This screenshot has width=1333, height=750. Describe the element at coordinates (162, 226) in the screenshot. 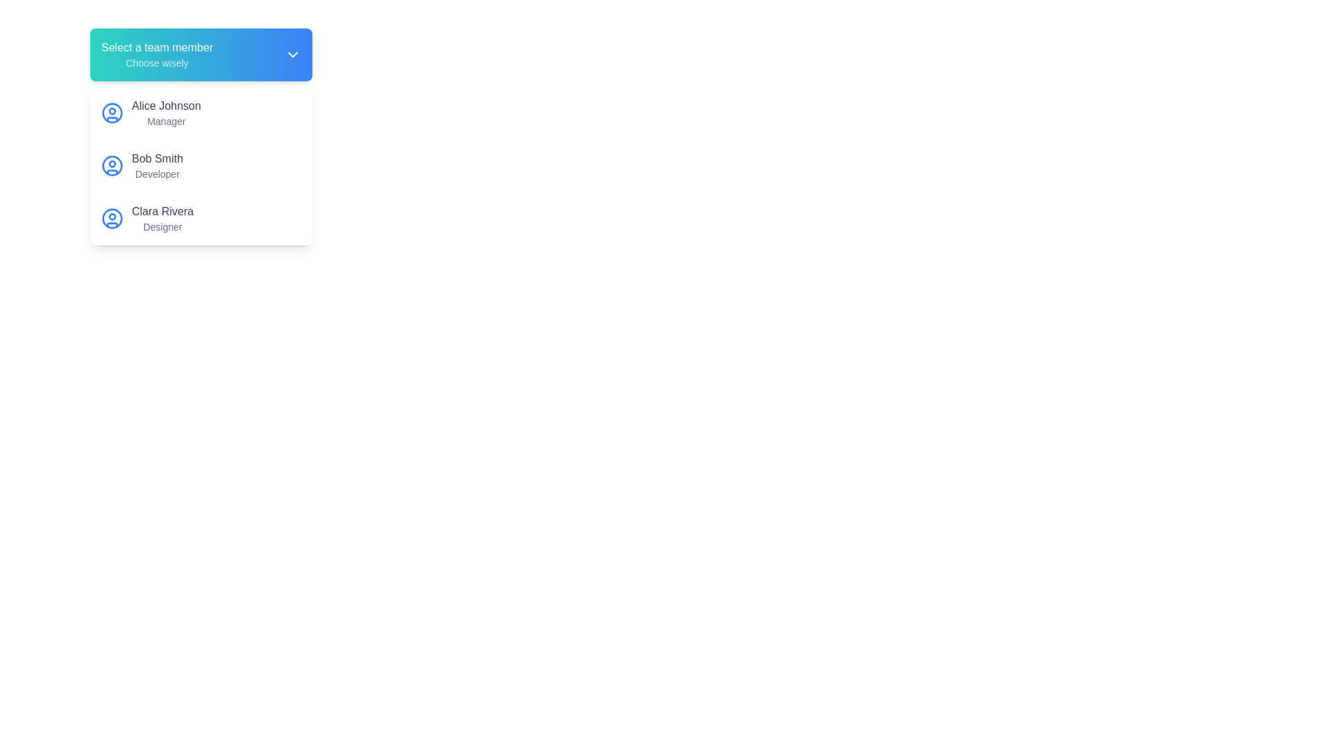

I see `the text label displaying 'Designer', which is styled in a smaller gray font and positioned directly beneath 'Clara Rivera' in the dropdown menu` at that location.